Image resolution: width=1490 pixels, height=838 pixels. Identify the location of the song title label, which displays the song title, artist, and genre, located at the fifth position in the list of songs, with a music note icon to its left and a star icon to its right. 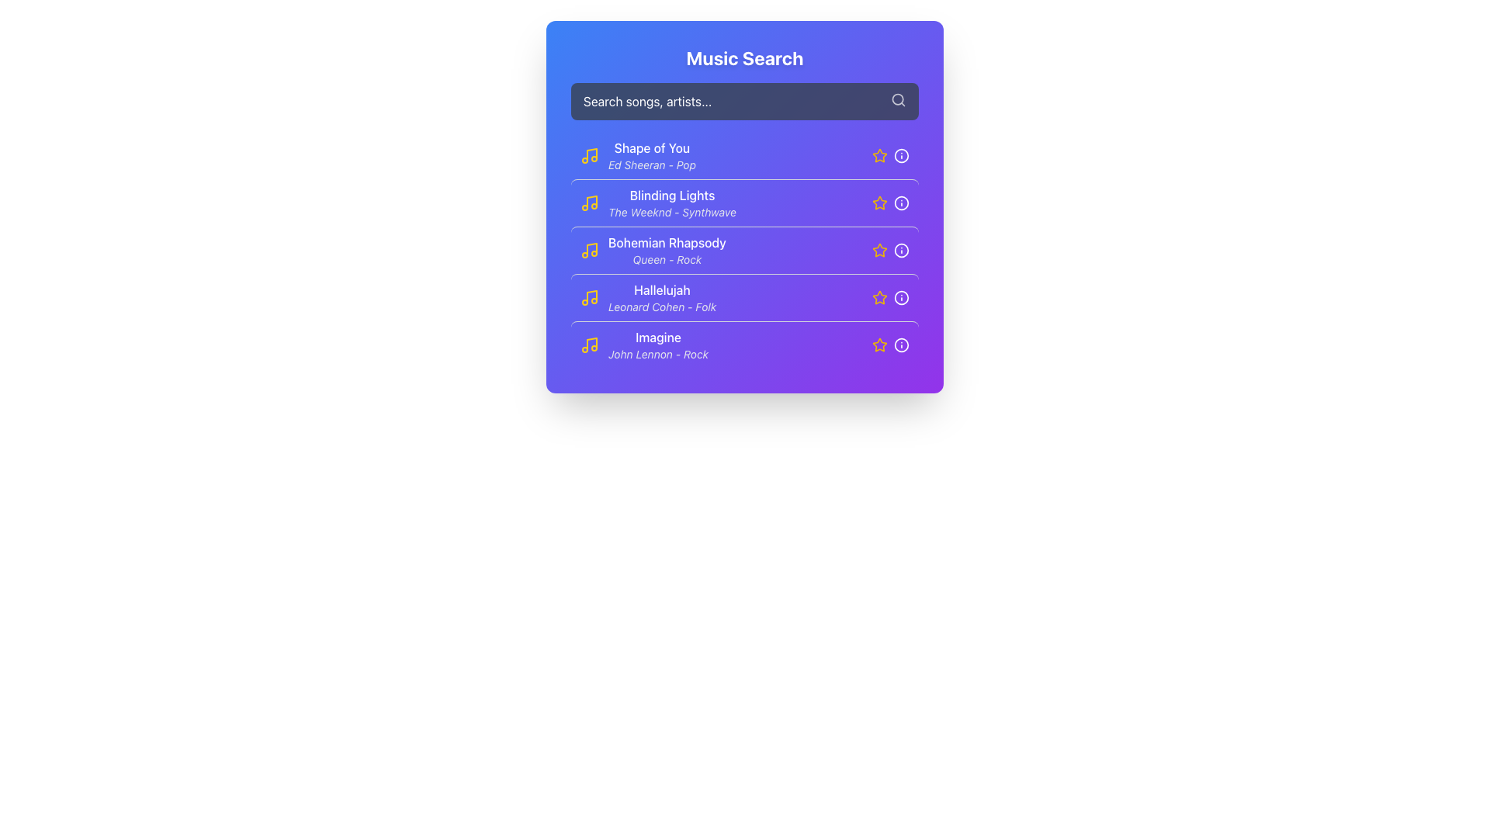
(658, 344).